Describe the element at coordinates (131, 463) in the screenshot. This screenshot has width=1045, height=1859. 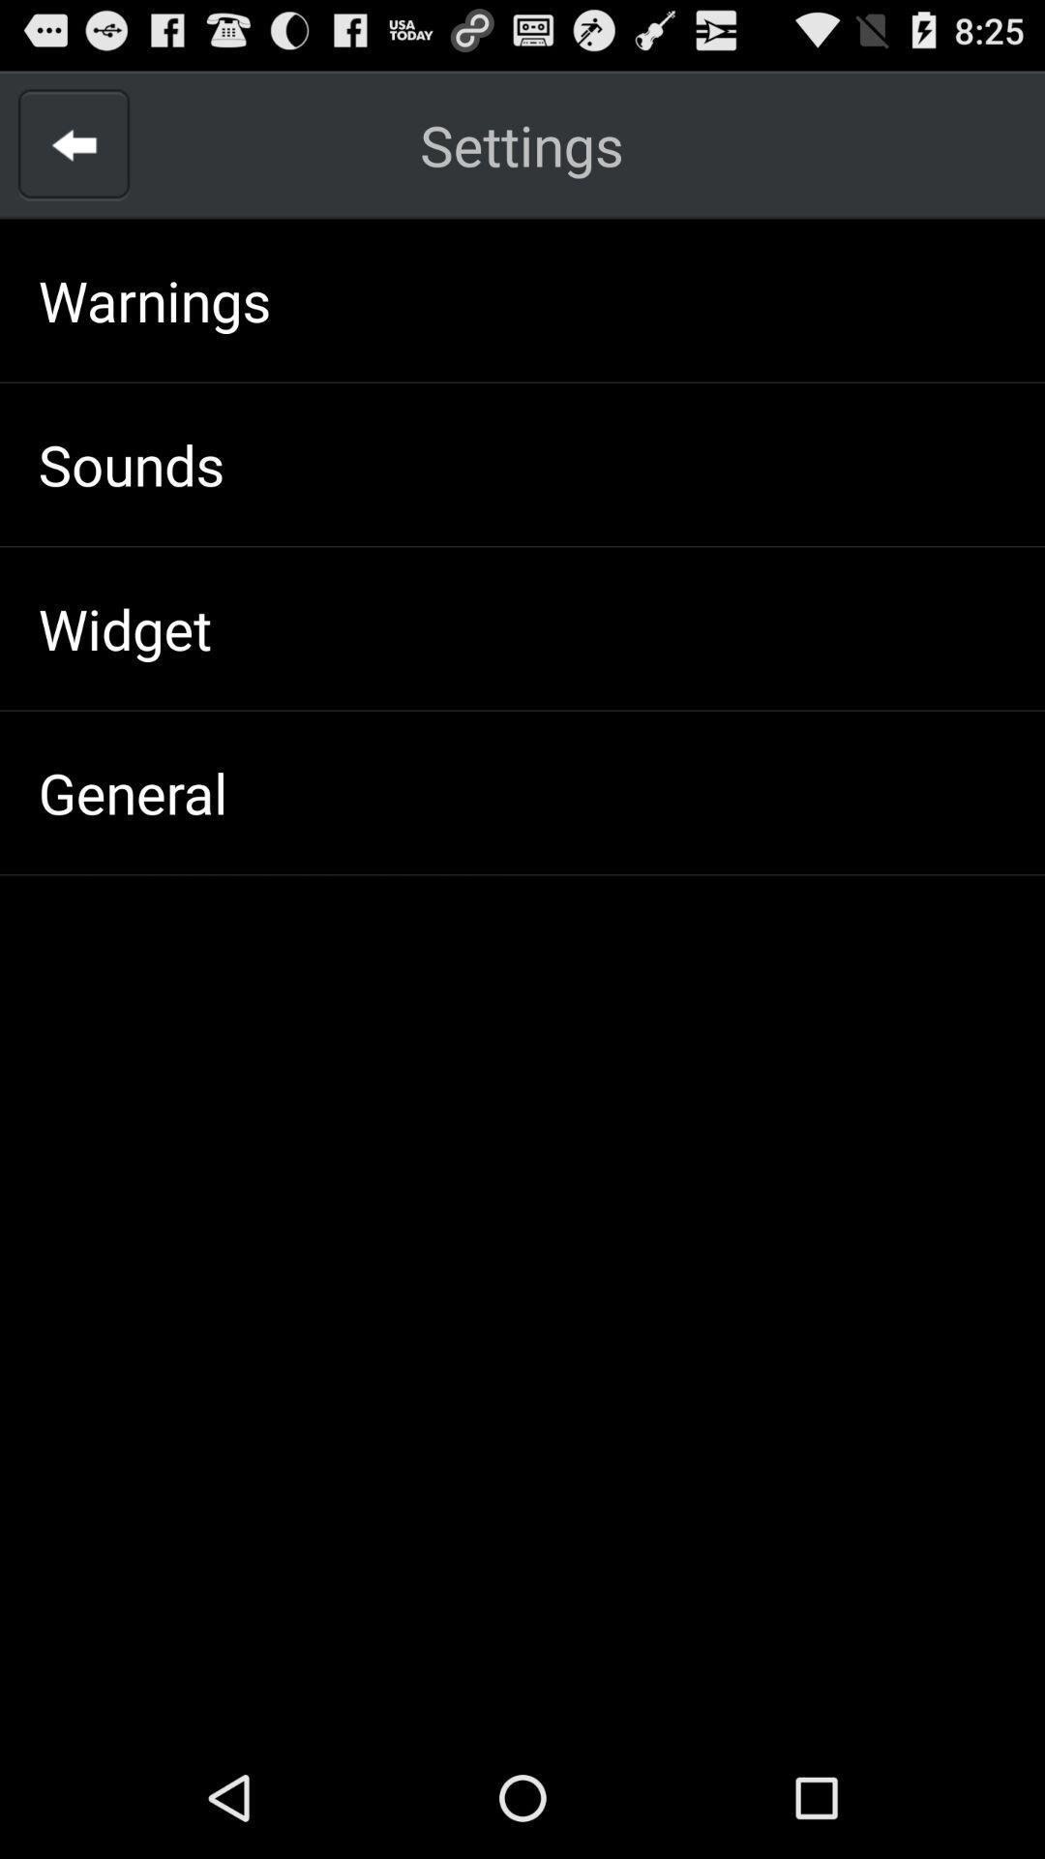
I see `the sounds app` at that location.